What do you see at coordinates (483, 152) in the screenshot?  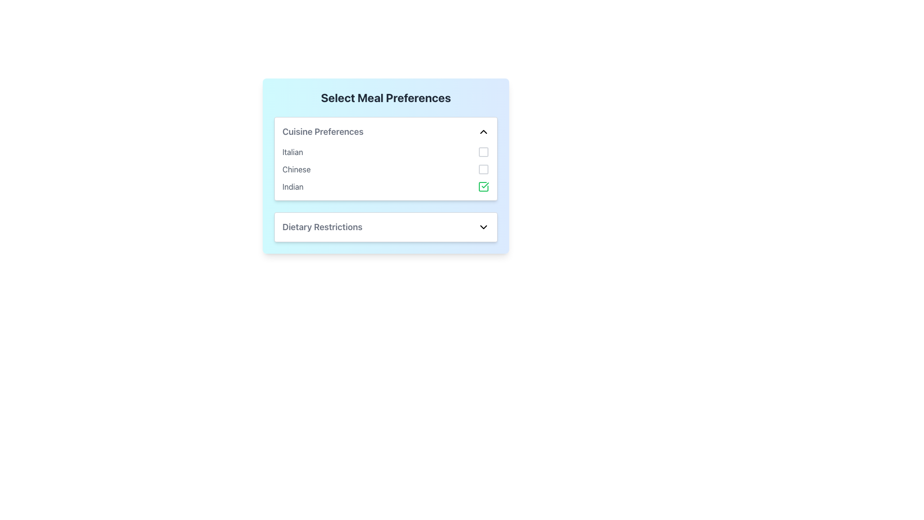 I see `the checkbox` at bounding box center [483, 152].